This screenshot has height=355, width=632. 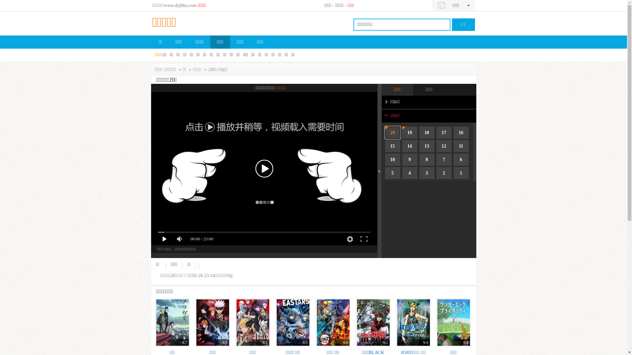 What do you see at coordinates (461, 159) in the screenshot?
I see `'6'` at bounding box center [461, 159].